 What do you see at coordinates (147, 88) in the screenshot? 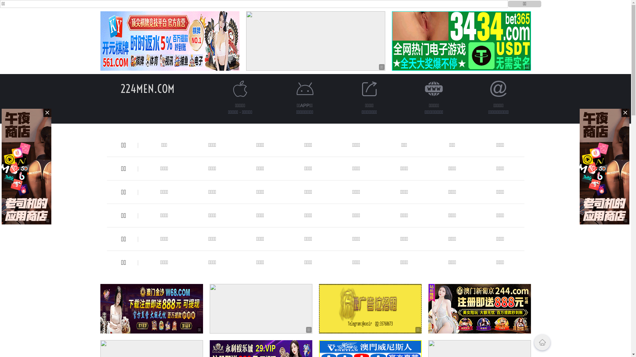
I see `'224MEN.COM'` at bounding box center [147, 88].